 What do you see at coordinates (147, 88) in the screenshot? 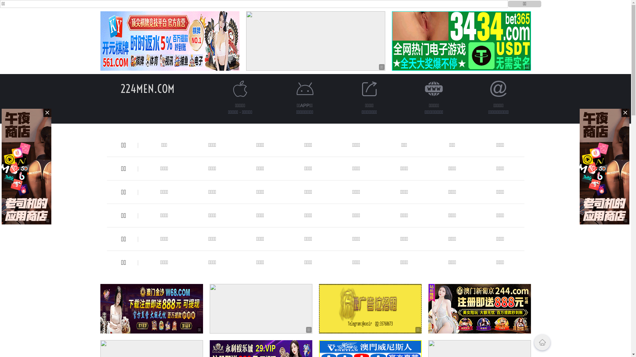
I see `'224MEN.COM'` at bounding box center [147, 88].